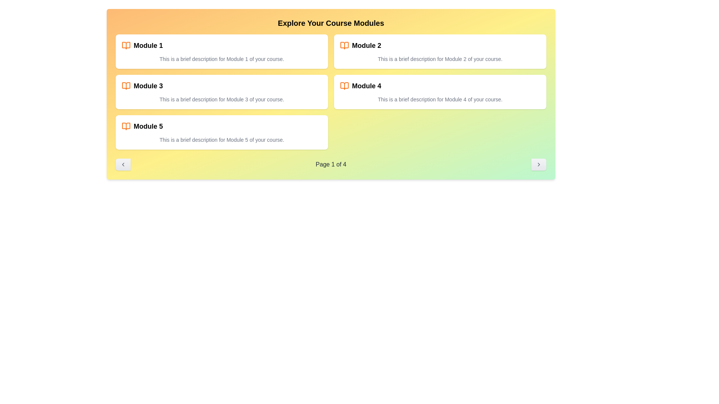  Describe the element at coordinates (123, 164) in the screenshot. I see `the left-facing chevron pagination control button located at the bottom-left corner of the visible module list interface for keyboard navigation` at that location.